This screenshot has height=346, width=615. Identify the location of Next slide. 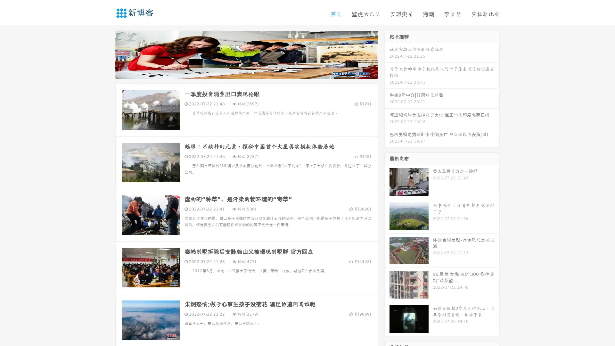
(387, 54).